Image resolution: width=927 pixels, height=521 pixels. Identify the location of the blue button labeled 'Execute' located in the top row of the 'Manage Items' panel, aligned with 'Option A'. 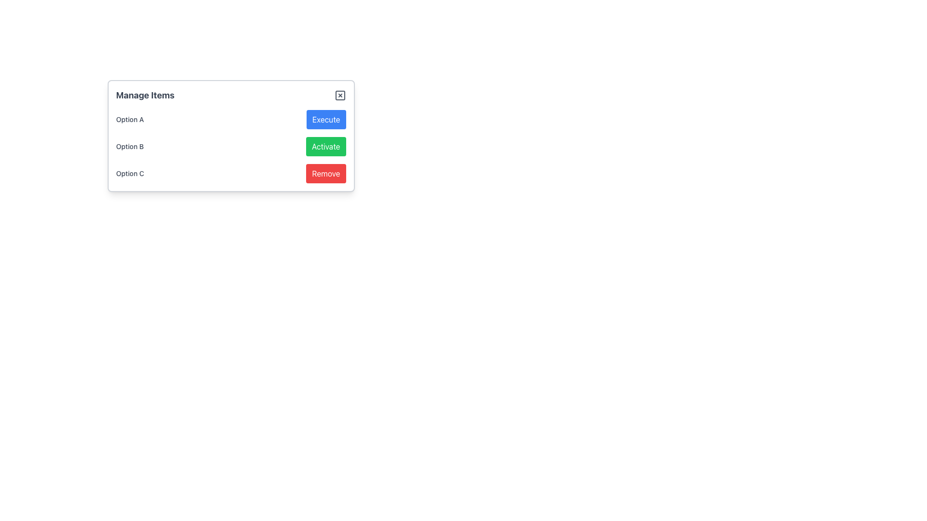
(326, 119).